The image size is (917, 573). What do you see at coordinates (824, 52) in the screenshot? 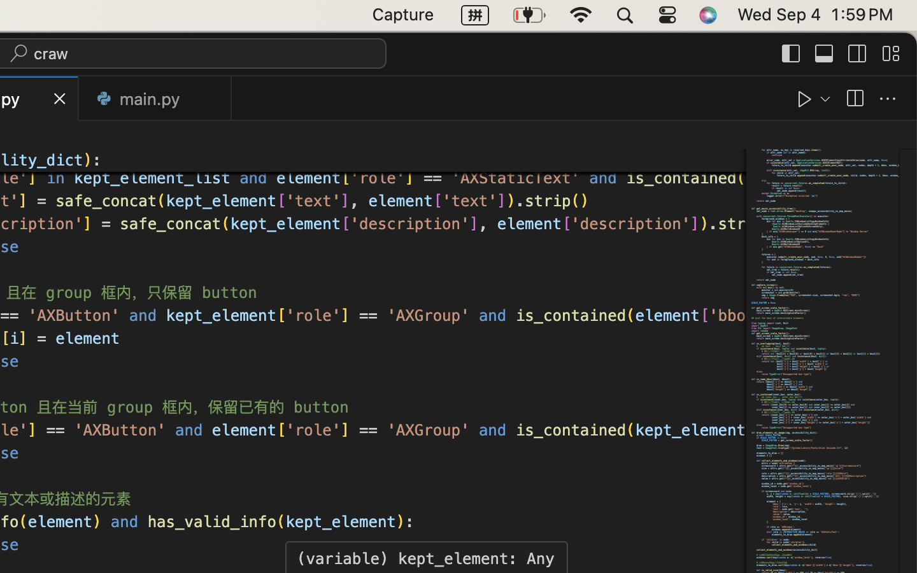
I see `''` at bounding box center [824, 52].